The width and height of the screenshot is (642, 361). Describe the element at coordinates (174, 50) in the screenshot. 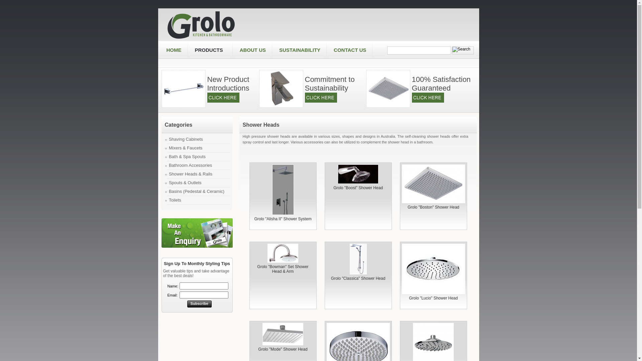

I see `'HOME'` at that location.